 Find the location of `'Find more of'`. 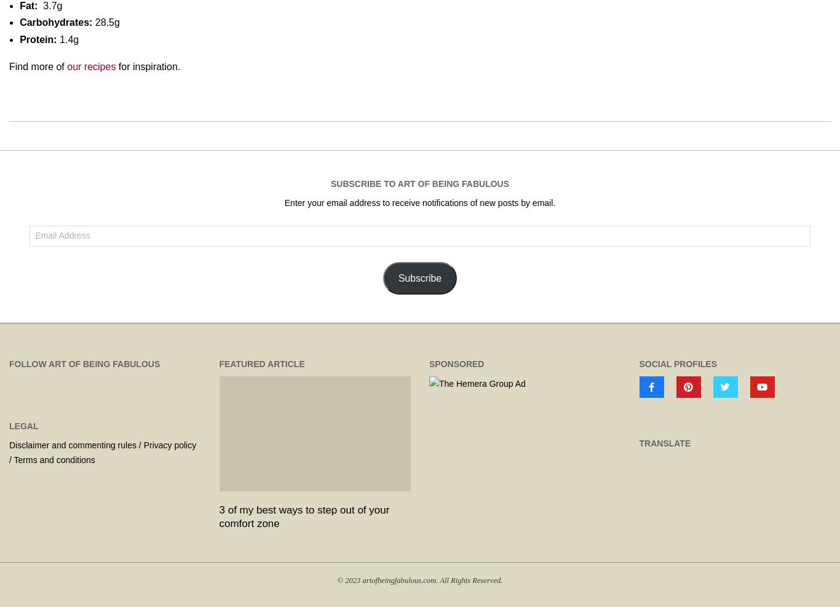

'Find more of' is located at coordinates (38, 66).